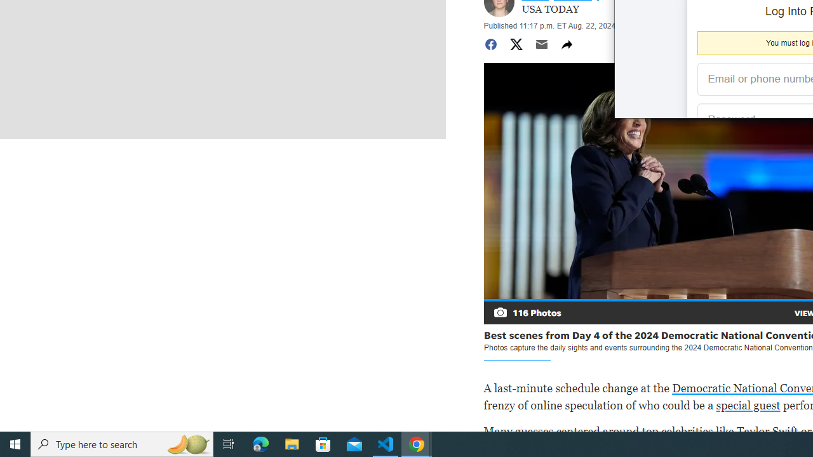 Image resolution: width=813 pixels, height=457 pixels. What do you see at coordinates (122, 443) in the screenshot?
I see `'Type here to search'` at bounding box center [122, 443].